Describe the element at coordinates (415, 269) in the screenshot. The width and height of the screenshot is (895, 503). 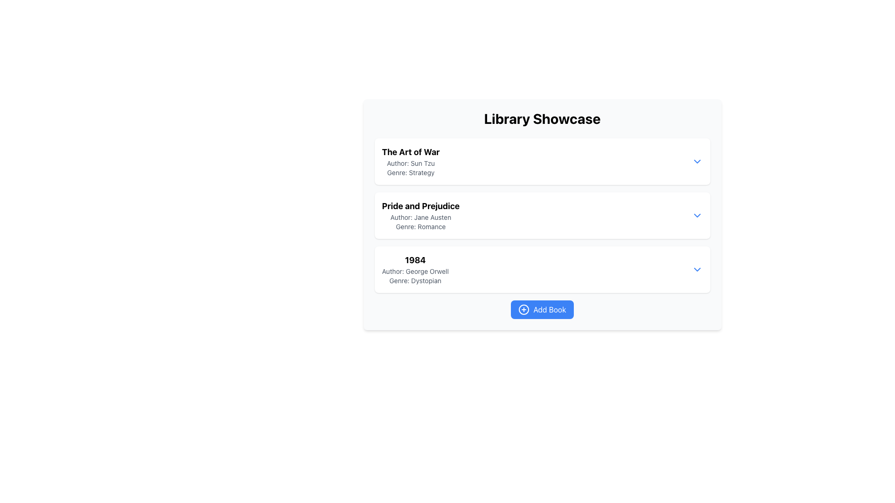
I see `the Text Block that presents information about the book '1984,' which is the third entry in the 'Library Showcase' list, positioned below 'Pride and Prejudice' and above the 'Add Book' button` at that location.